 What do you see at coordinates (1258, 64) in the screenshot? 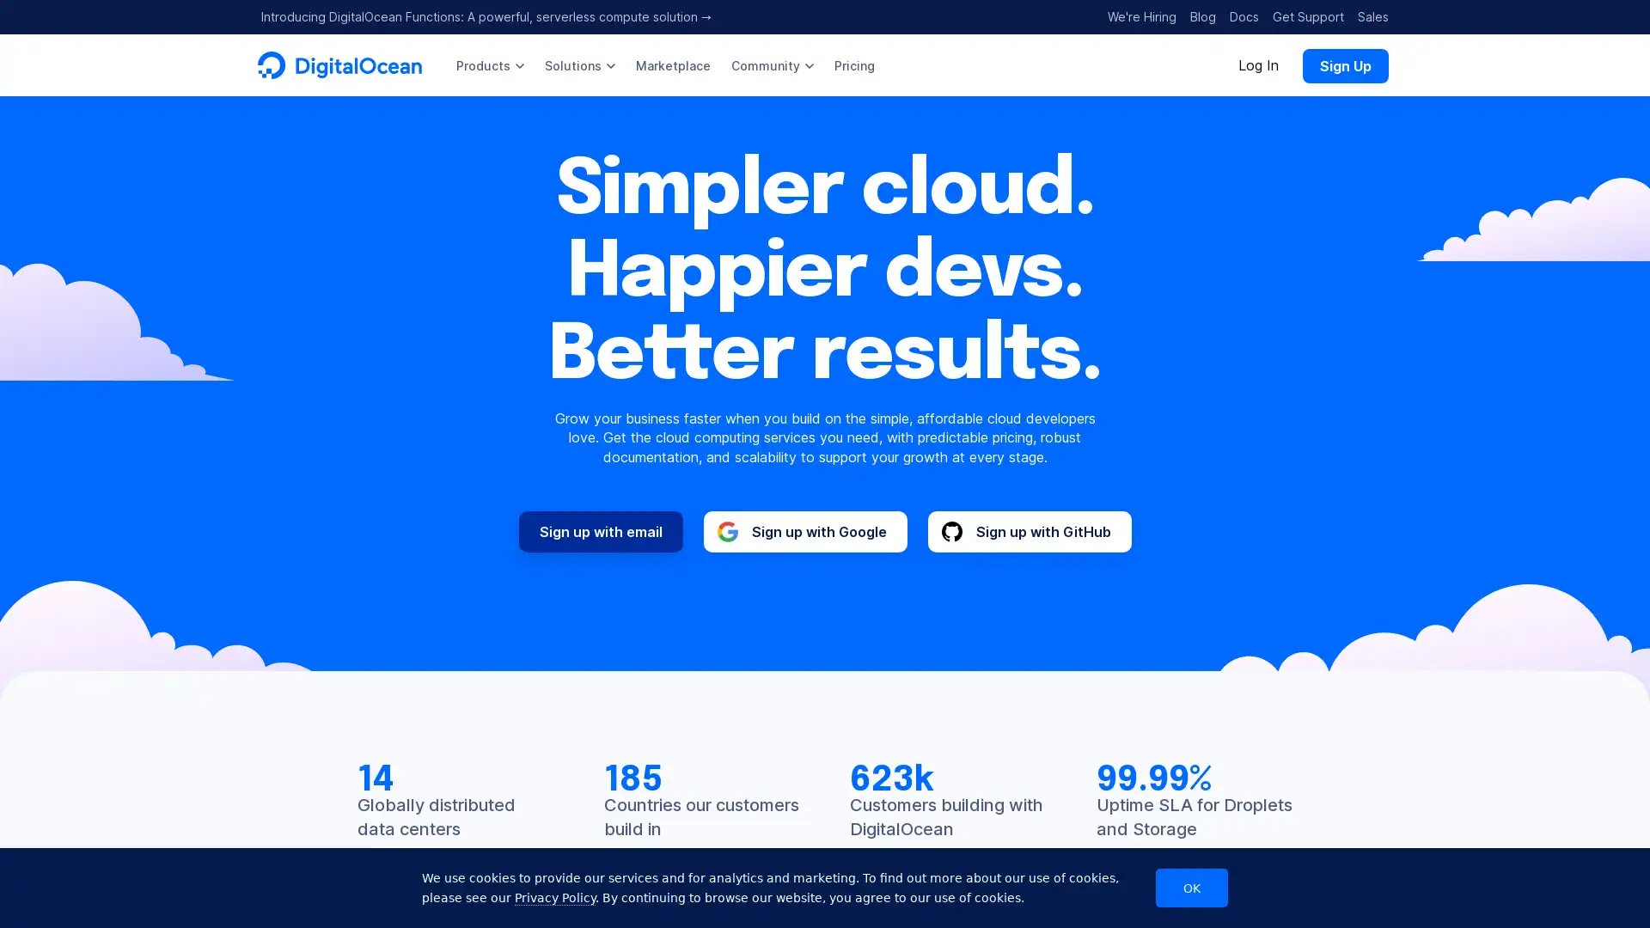
I see `Log In` at bounding box center [1258, 64].